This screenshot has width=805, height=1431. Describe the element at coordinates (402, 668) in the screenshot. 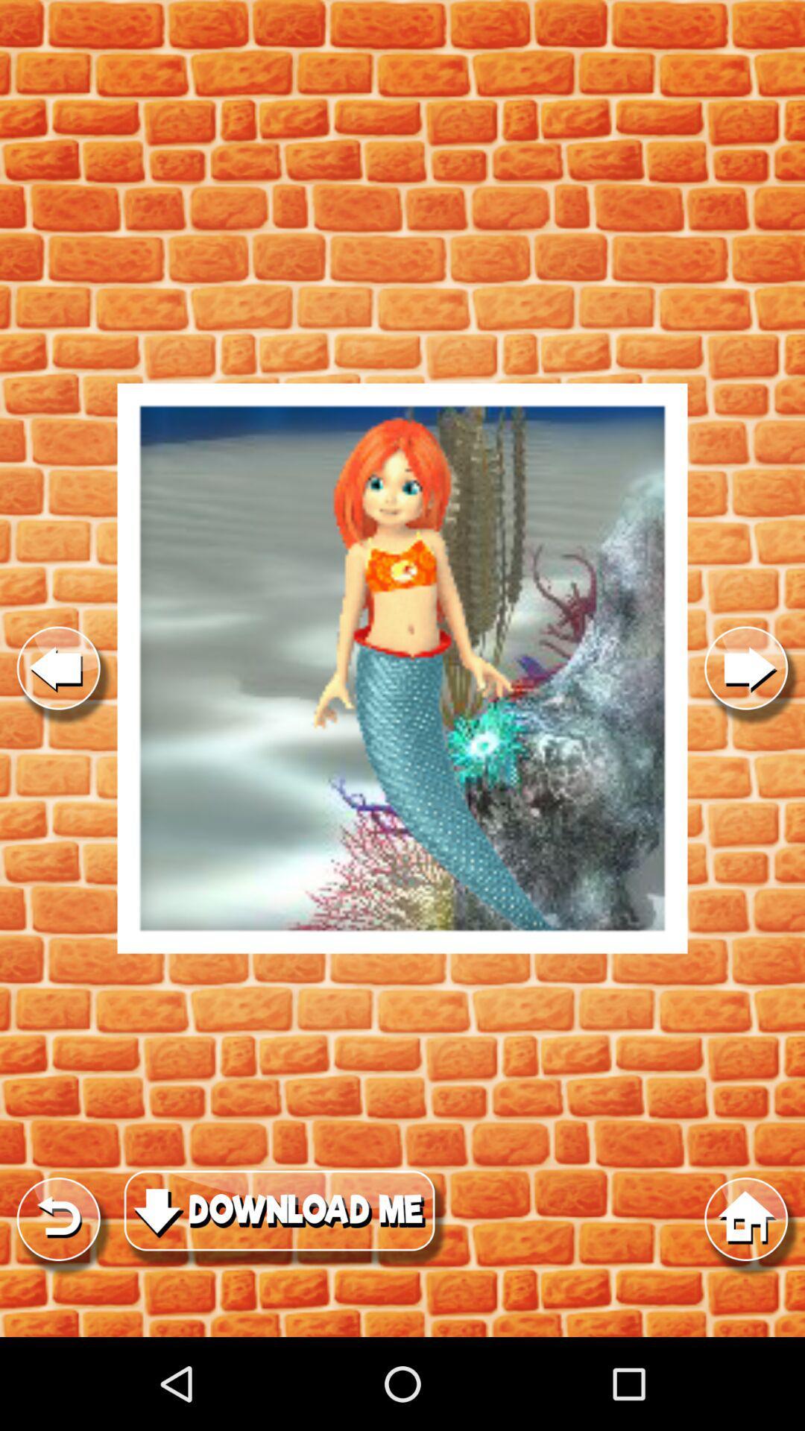

I see `image display screen` at that location.